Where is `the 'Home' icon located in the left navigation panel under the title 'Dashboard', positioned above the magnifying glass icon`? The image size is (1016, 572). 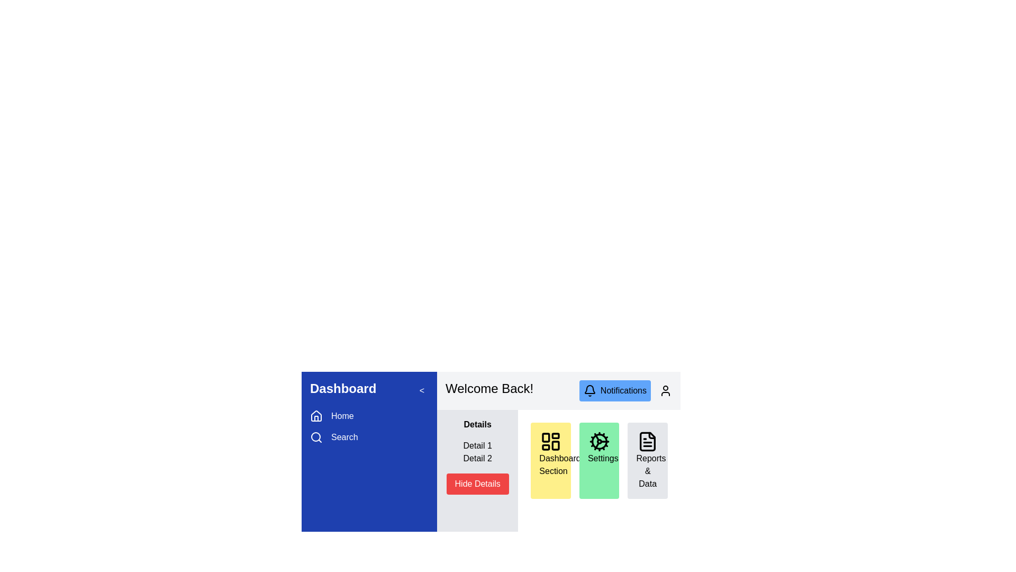 the 'Home' icon located in the left navigation panel under the title 'Dashboard', positioned above the magnifying glass icon is located at coordinates (316, 415).